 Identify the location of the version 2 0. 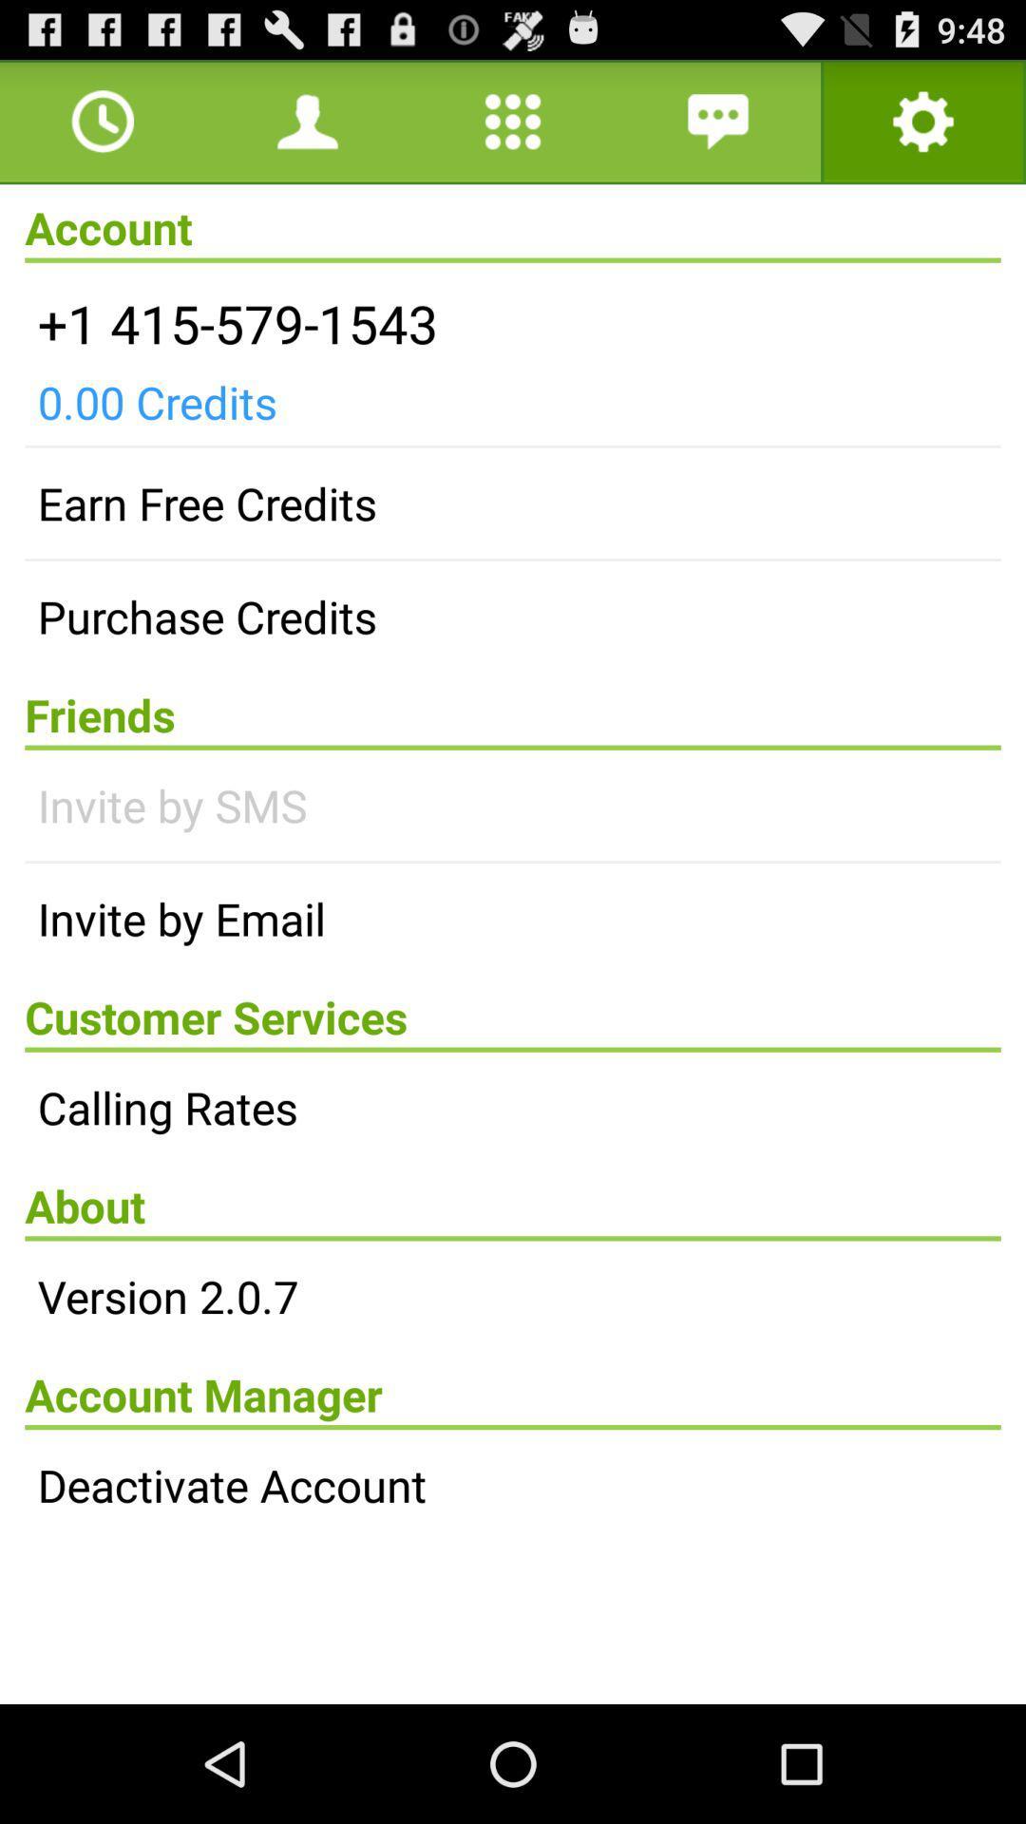
(513, 1295).